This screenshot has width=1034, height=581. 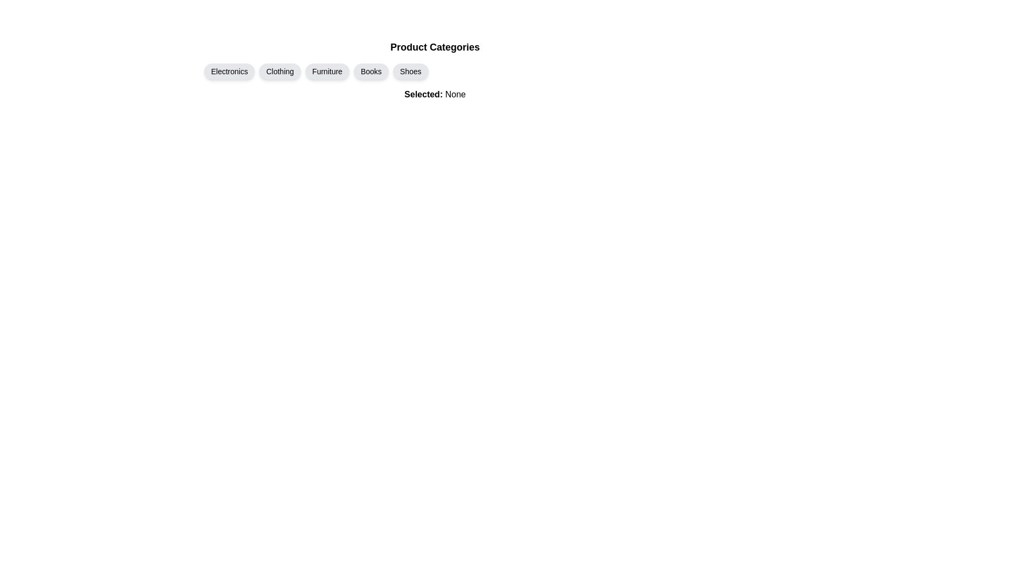 I want to click on the Electronics chip to toggle its selection, so click(x=229, y=71).